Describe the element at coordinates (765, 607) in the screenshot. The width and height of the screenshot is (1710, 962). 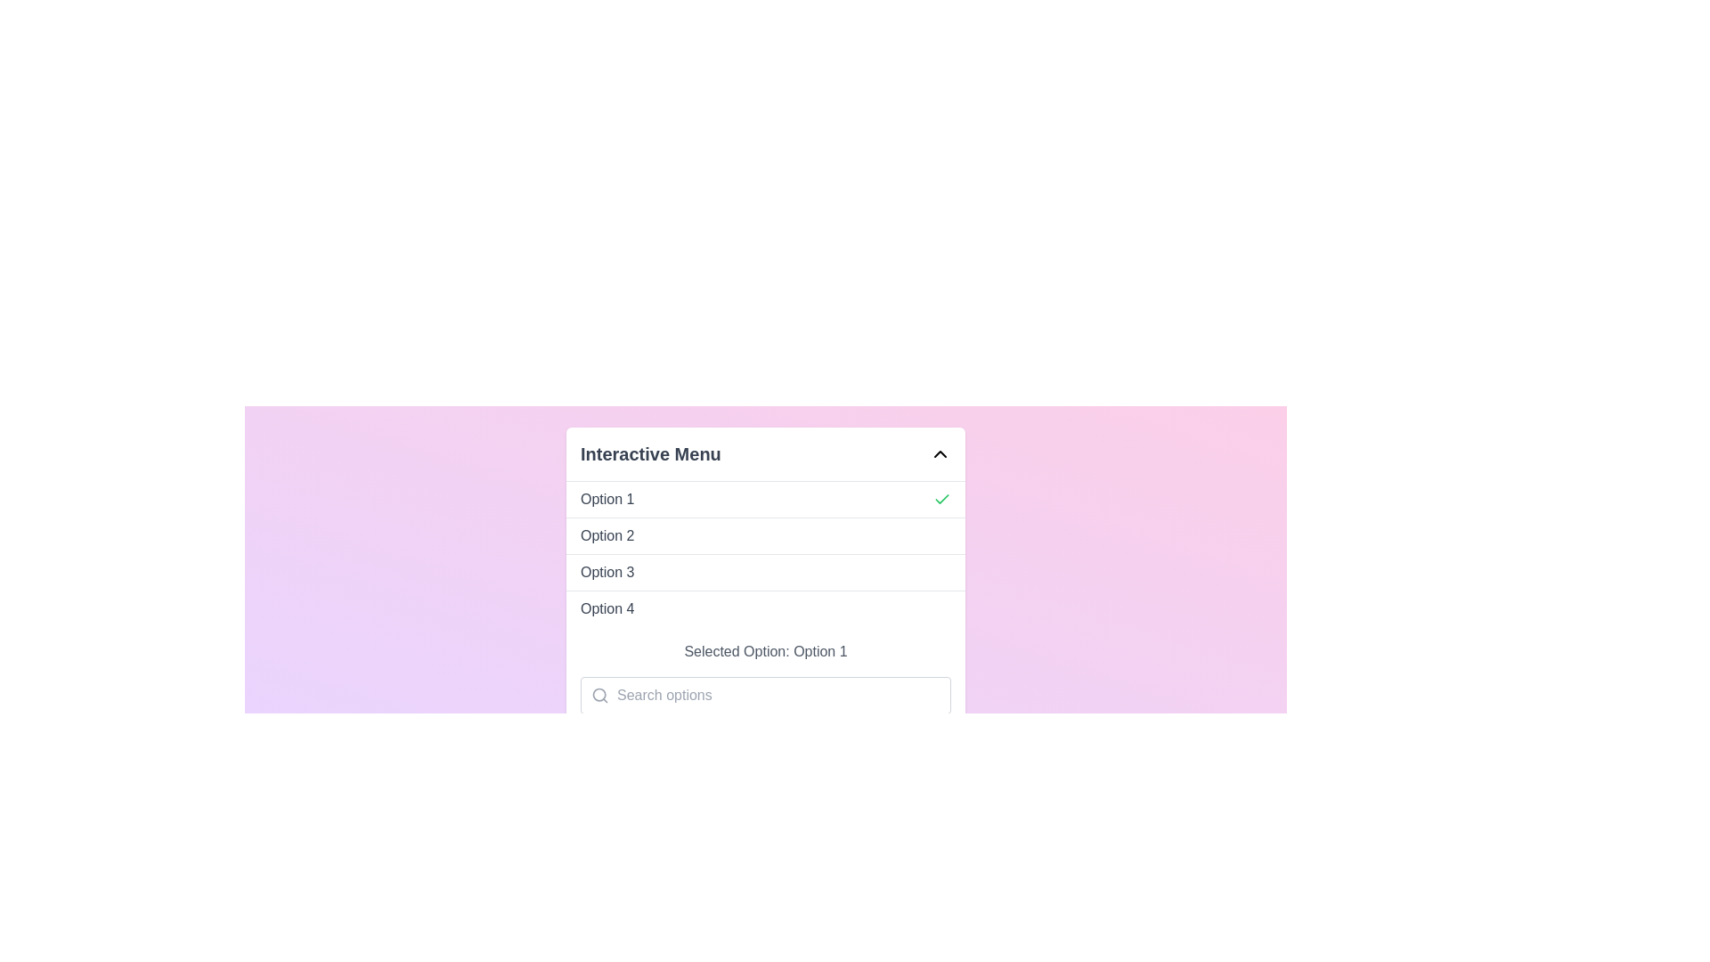
I see `the fourth menu option in the dropdown menu` at that location.